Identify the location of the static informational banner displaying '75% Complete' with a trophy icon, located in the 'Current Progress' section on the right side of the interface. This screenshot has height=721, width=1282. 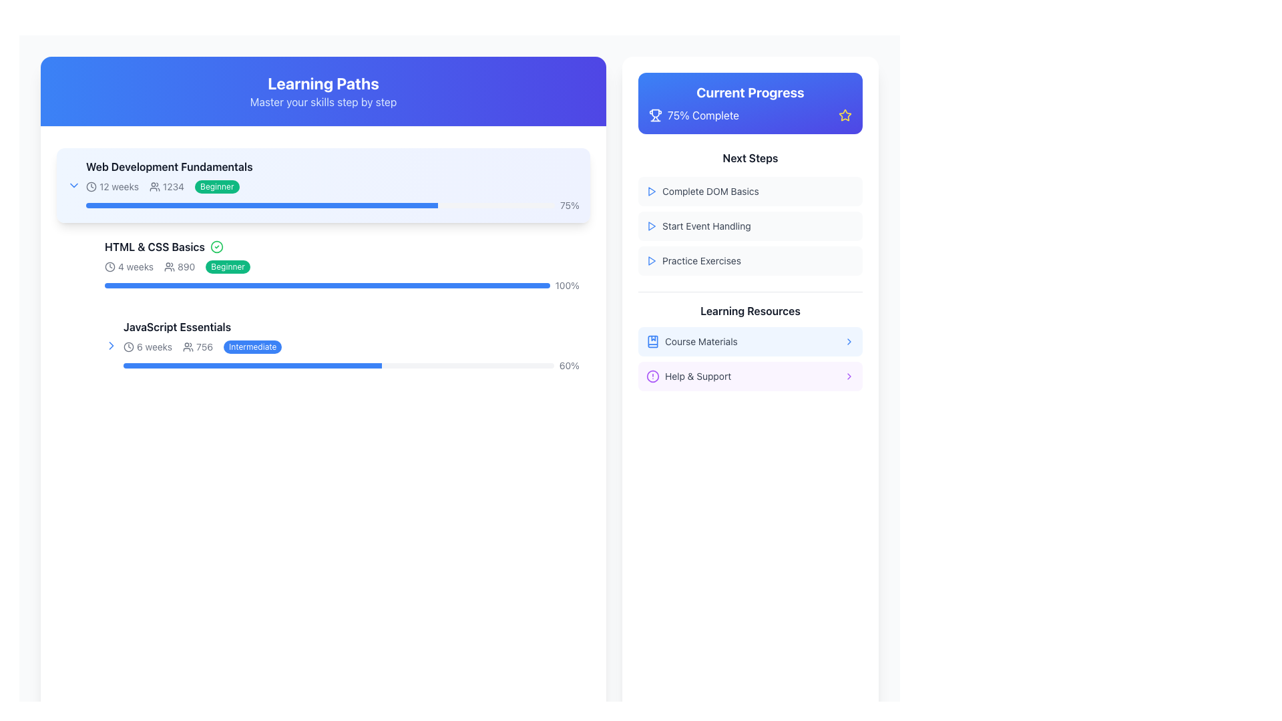
(694, 115).